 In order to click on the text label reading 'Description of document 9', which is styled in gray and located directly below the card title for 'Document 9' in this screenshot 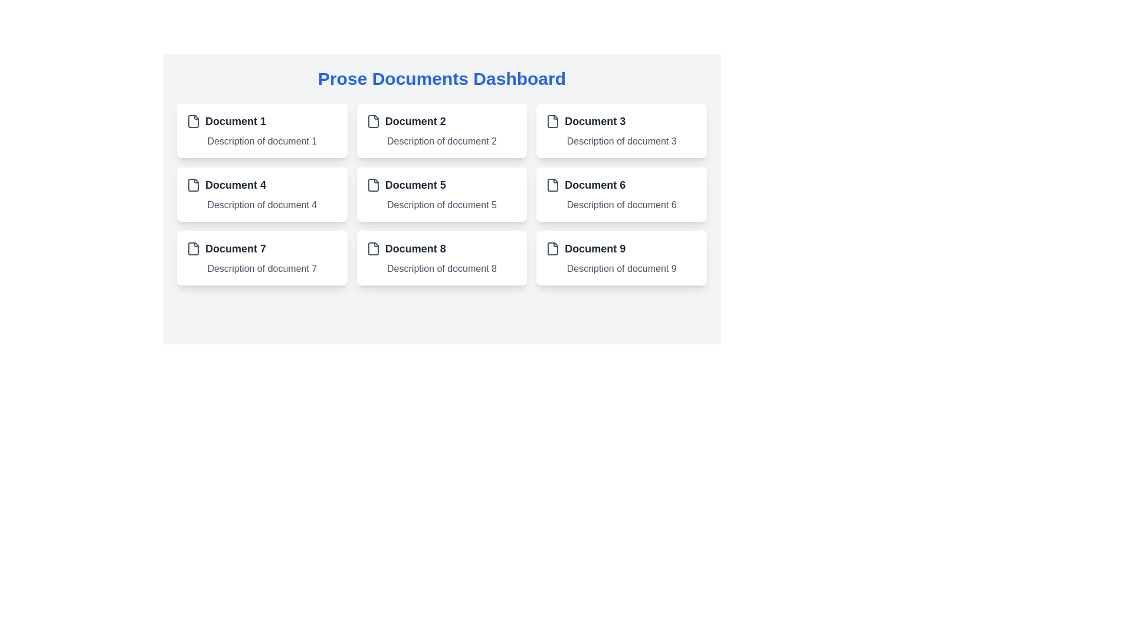, I will do `click(621, 268)`.